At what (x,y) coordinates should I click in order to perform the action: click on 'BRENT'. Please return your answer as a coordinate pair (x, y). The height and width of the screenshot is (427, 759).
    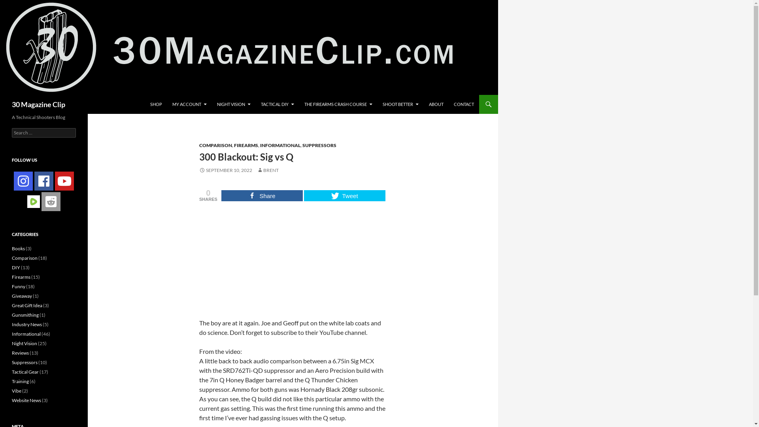
    Looking at the image, I should click on (268, 170).